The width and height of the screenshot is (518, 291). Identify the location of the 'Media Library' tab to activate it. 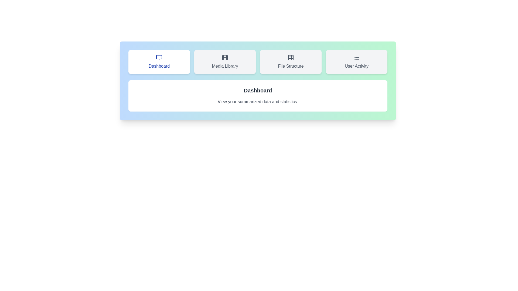
(225, 62).